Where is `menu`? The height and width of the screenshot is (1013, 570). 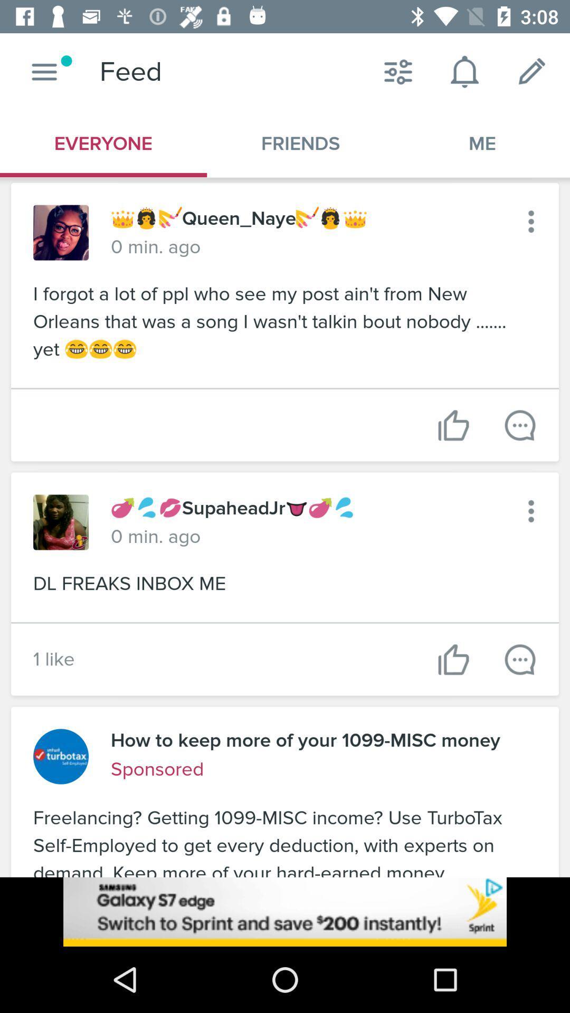 menu is located at coordinates (531, 511).